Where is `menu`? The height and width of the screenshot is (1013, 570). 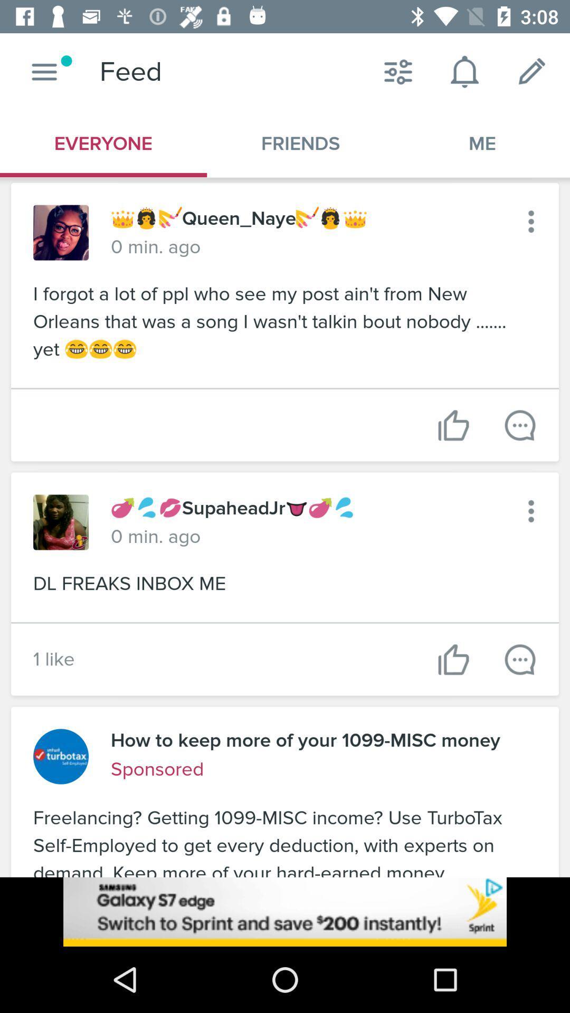 menu is located at coordinates (531, 511).